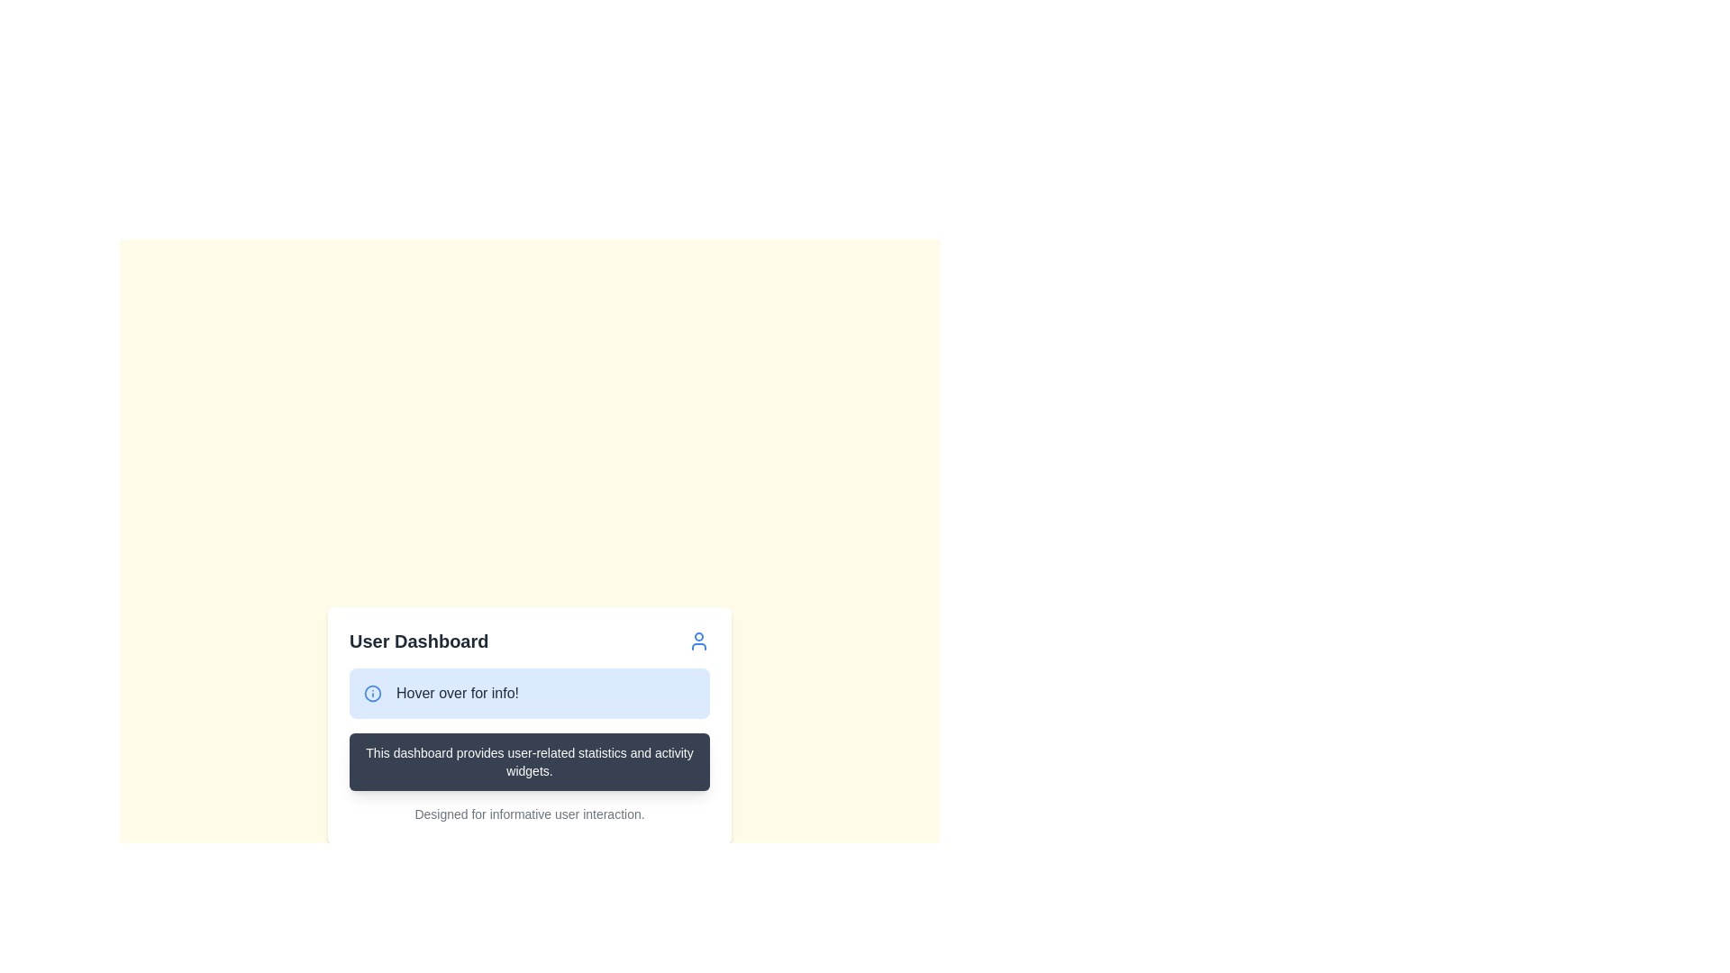  Describe the element at coordinates (529, 730) in the screenshot. I see `the Informational Tooltip/Message Box located below the header 'User Dashboard' and above the caption 'Designed for informative user interaction.'` at that location.